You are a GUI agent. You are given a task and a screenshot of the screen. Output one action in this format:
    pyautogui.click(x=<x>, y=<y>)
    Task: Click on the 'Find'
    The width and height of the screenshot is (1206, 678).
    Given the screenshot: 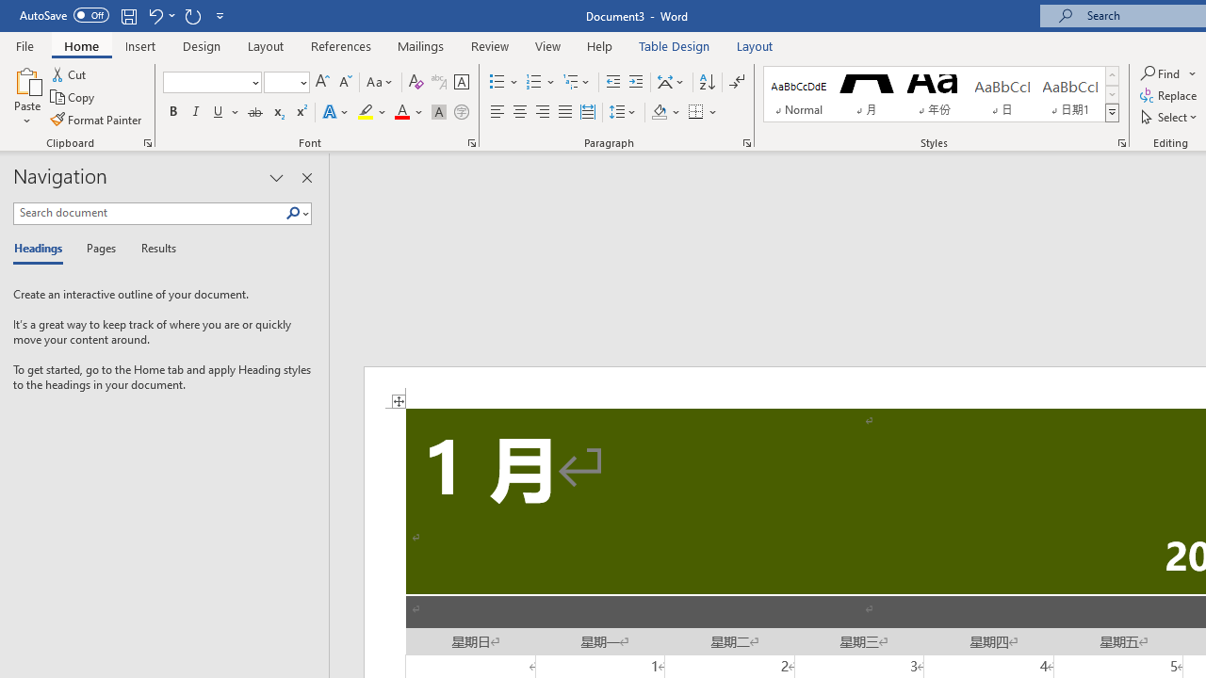 What is the action you would take?
    pyautogui.click(x=1161, y=73)
    